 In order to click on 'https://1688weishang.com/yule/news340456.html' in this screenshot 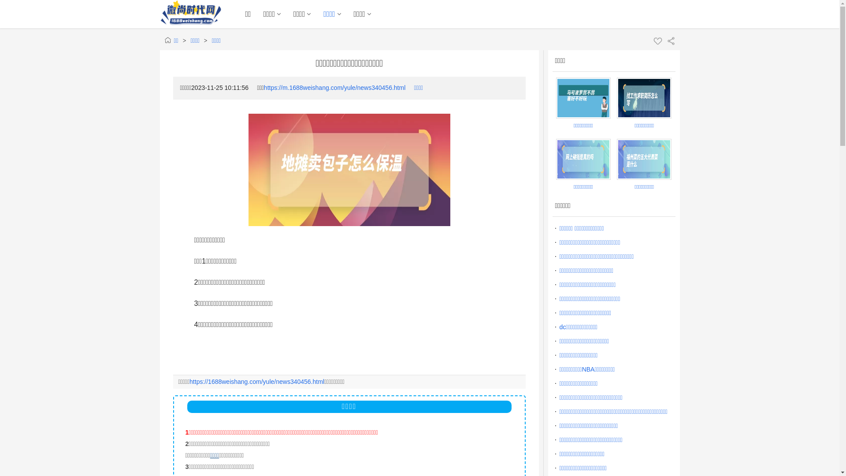, I will do `click(256, 381)`.